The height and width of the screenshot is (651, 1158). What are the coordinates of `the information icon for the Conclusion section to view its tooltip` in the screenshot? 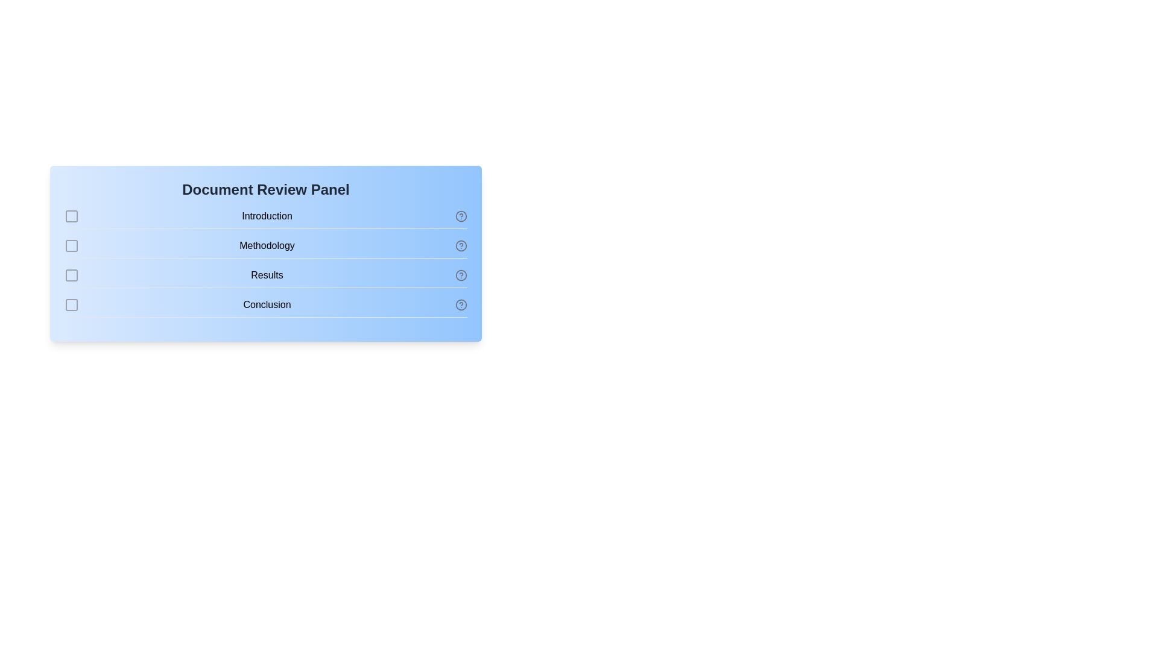 It's located at (460, 304).